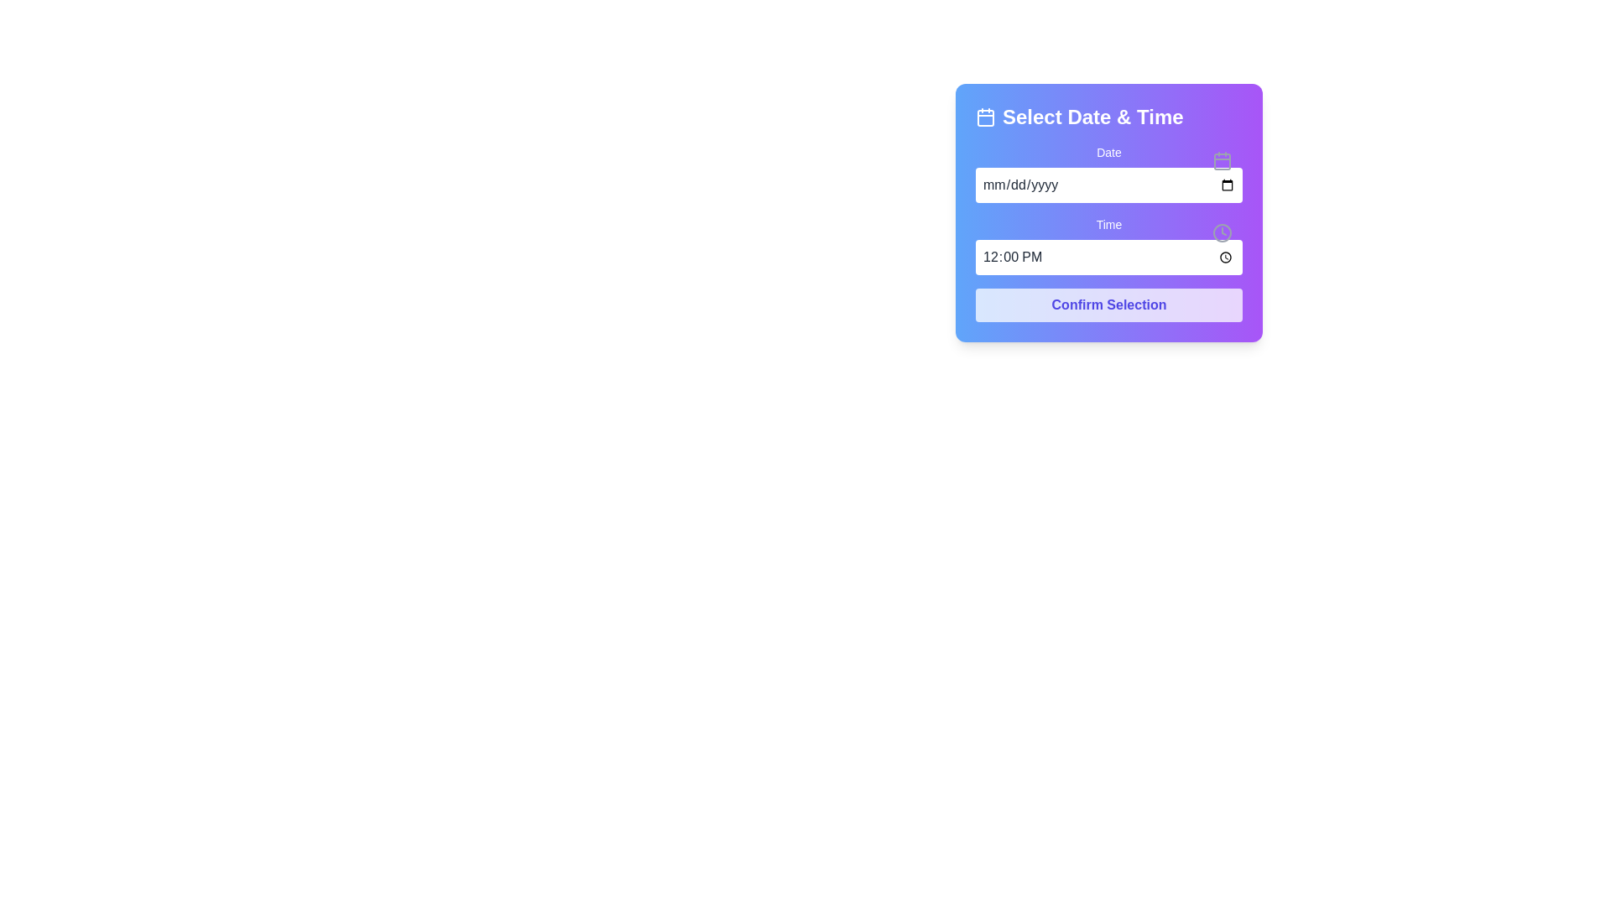 This screenshot has height=906, width=1611. I want to click on the rounded rectangular component within the calendar icon located to the left of the 'Select Date & Time' header text, so click(986, 117).